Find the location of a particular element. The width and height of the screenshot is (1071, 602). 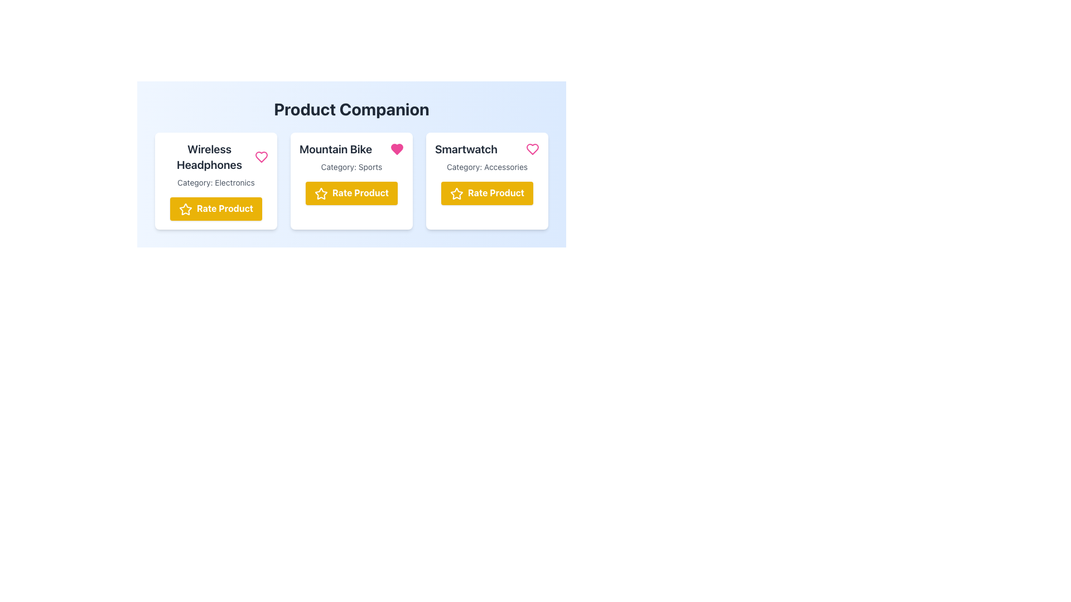

the 'Rate Product' button with a yellow background and bold white letters, located in the 'Mountain Bike' card under the 'Product Companion' section to initiate rating is located at coordinates (351, 192).